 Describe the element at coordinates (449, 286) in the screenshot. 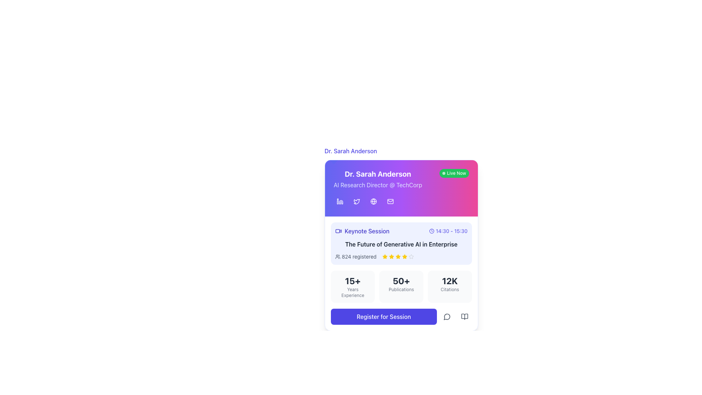

I see `the display block showing the statistic of 12,000 citations, which is the third column in a three-column grid layout at the bottom of the card` at that location.